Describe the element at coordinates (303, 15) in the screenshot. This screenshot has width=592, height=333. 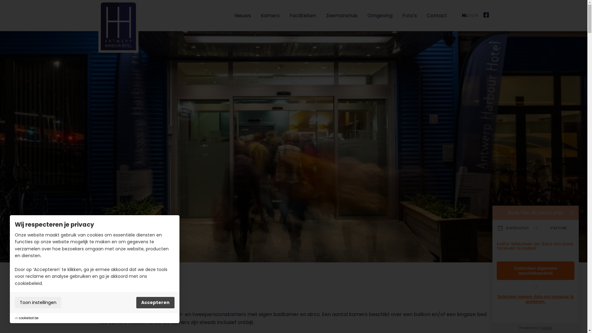
I see `'Faciliteiten'` at that location.